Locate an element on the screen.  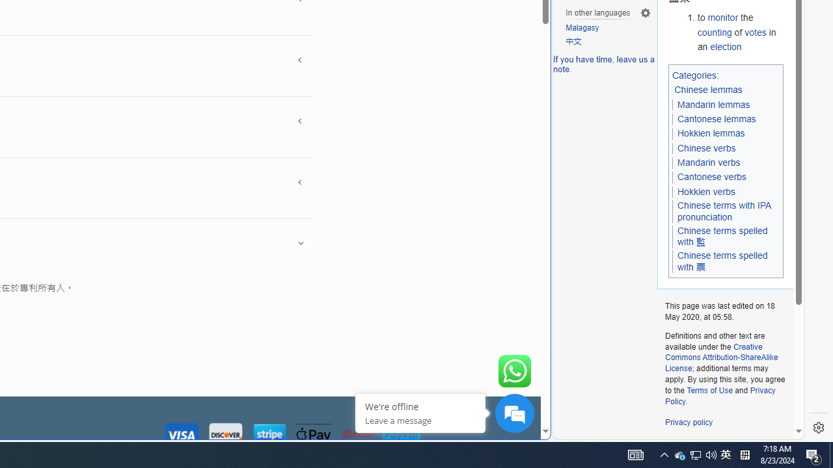
'Terms of Use' is located at coordinates (709, 389).